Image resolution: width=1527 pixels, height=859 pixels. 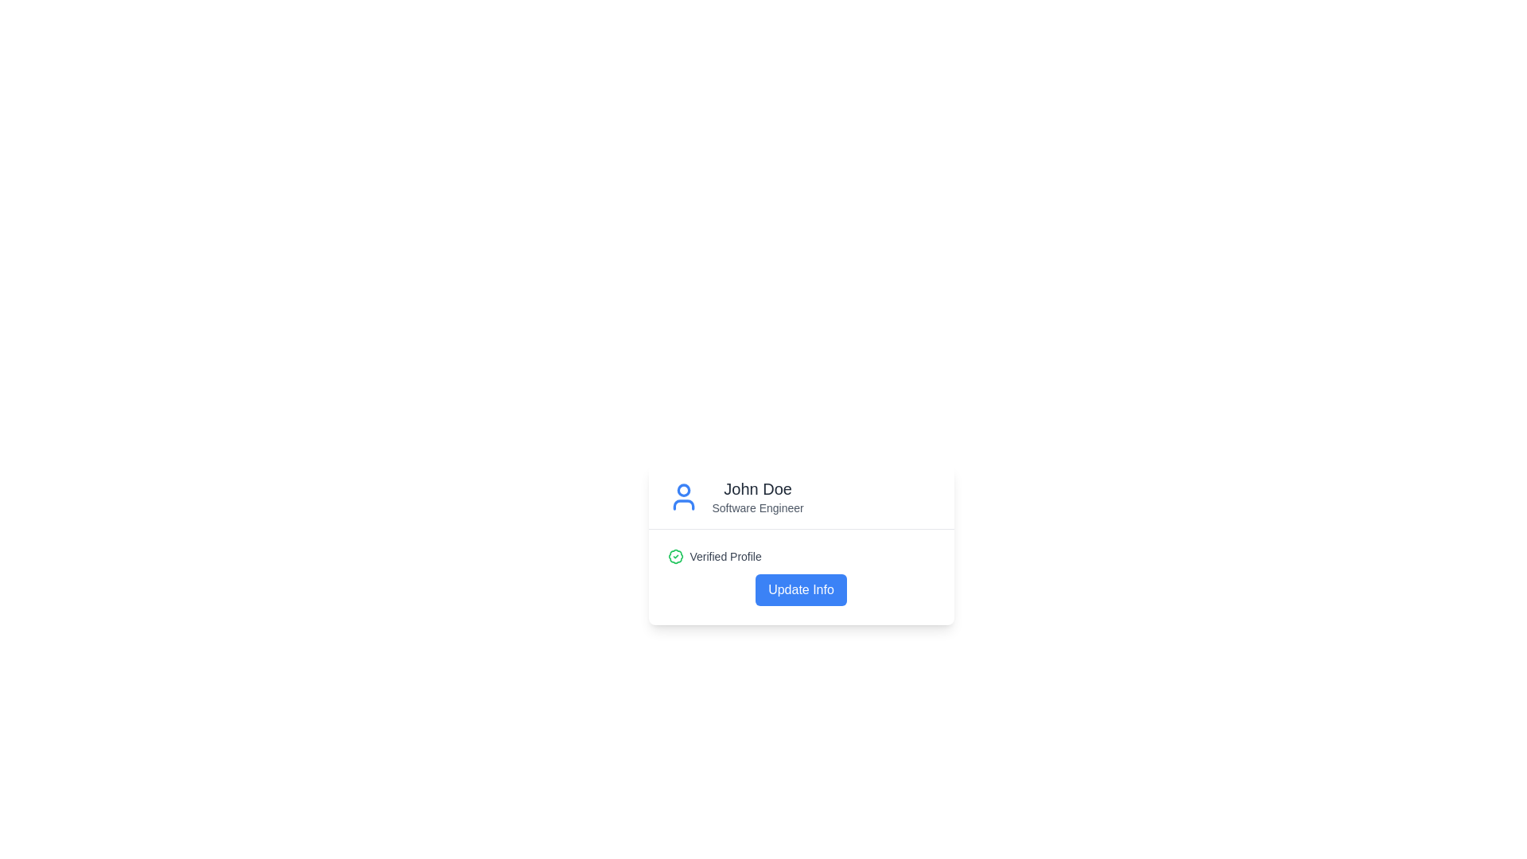 I want to click on the Text Block that displays the user's name and professional designation, so click(x=757, y=496).